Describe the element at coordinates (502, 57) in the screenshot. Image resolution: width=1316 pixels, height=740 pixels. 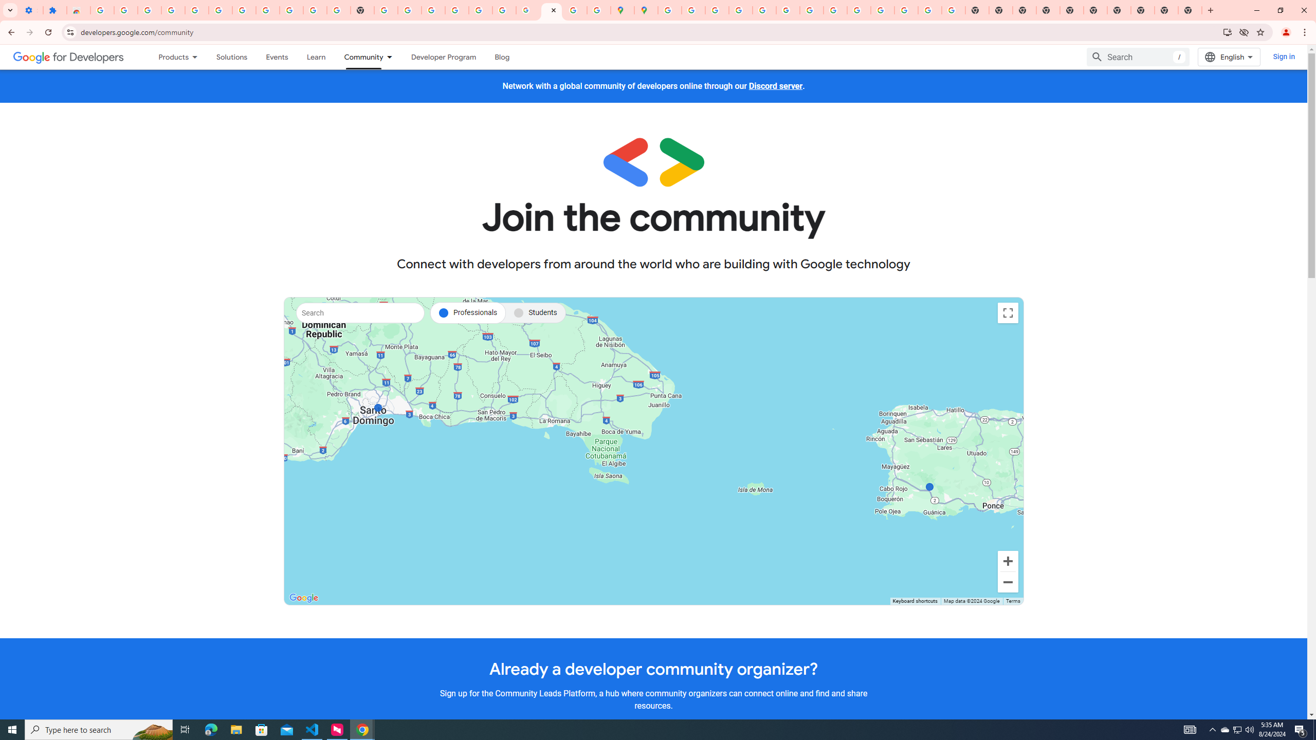
I see `'Blog'` at that location.